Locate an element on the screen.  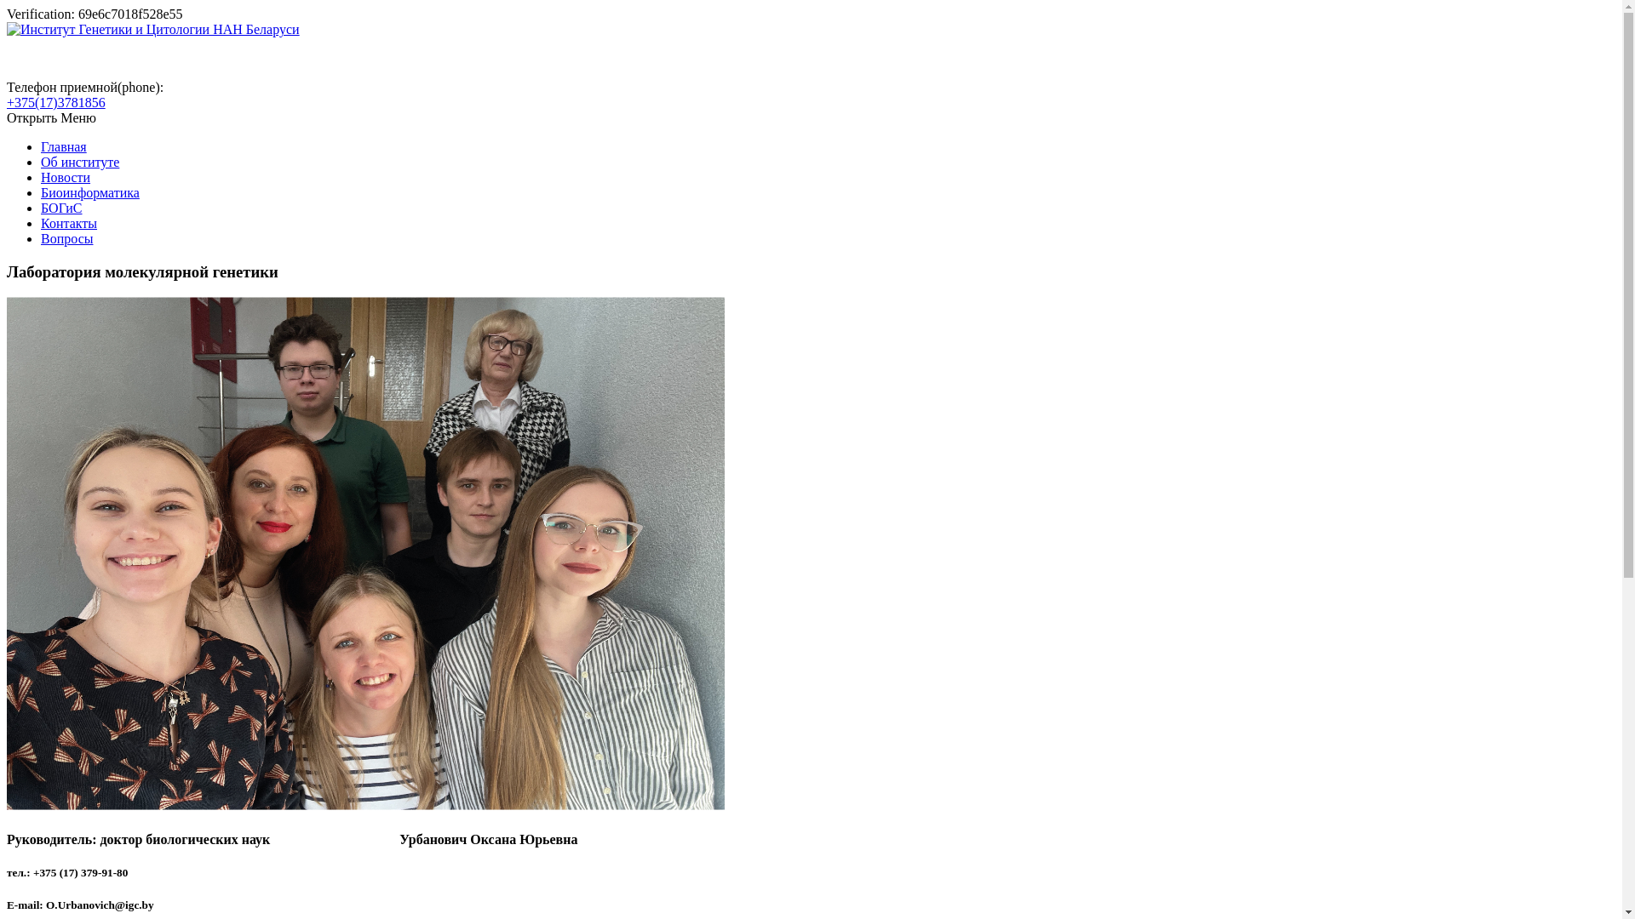
'+375(17)3781856' is located at coordinates (56, 102).